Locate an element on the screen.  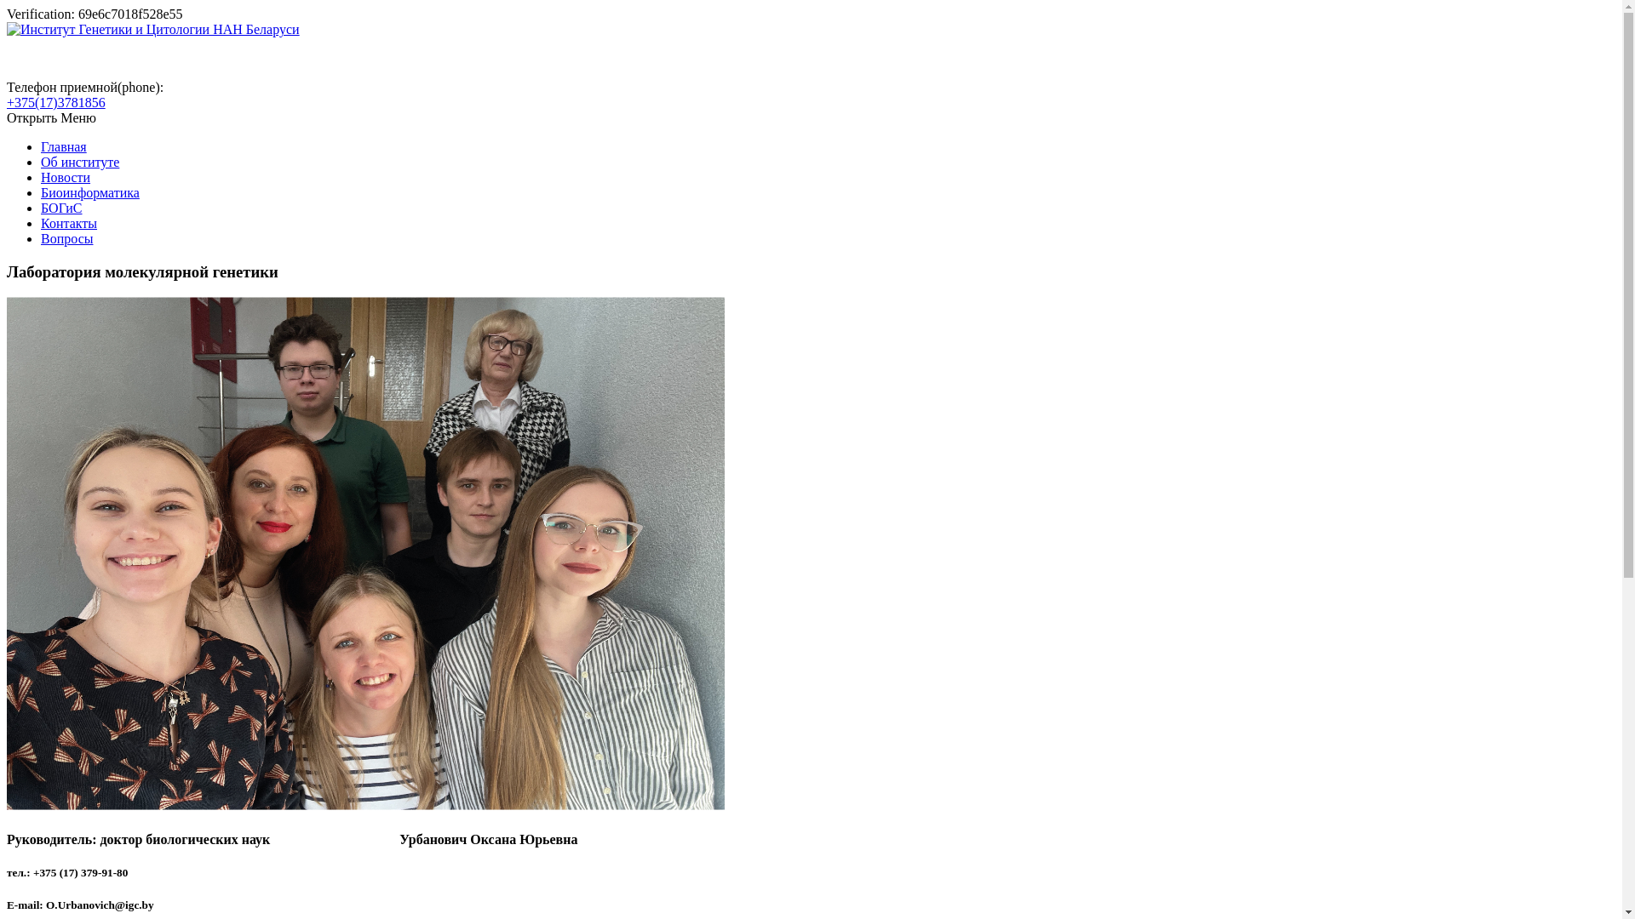
'+375(17)3781856' is located at coordinates (56, 102).